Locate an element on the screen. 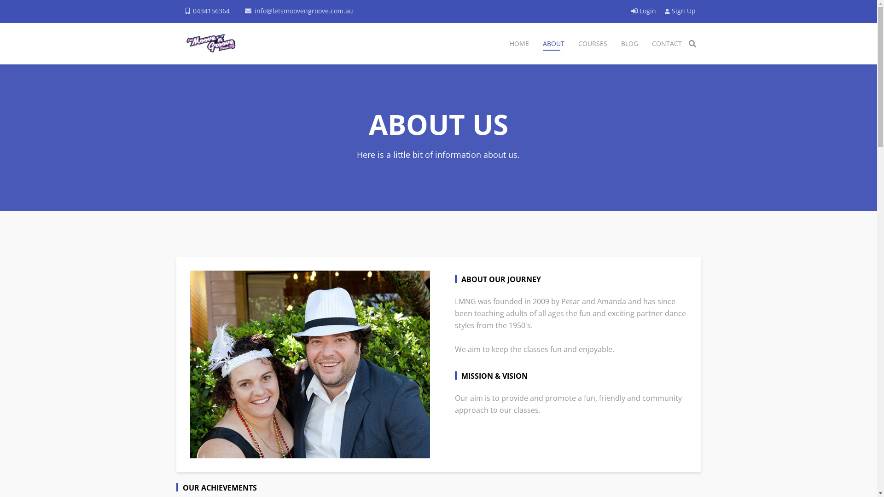  '0434156364' is located at coordinates (192, 11).